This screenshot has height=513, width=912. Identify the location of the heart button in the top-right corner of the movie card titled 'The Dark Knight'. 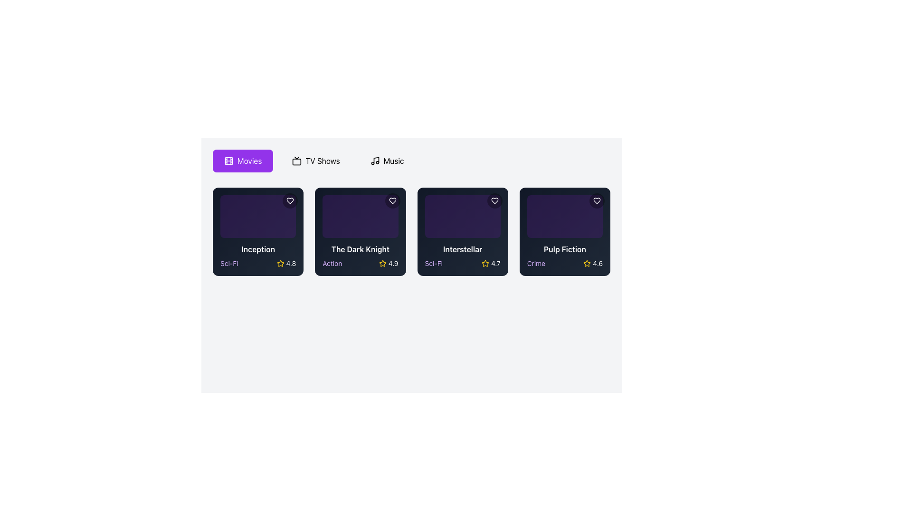
(392, 200).